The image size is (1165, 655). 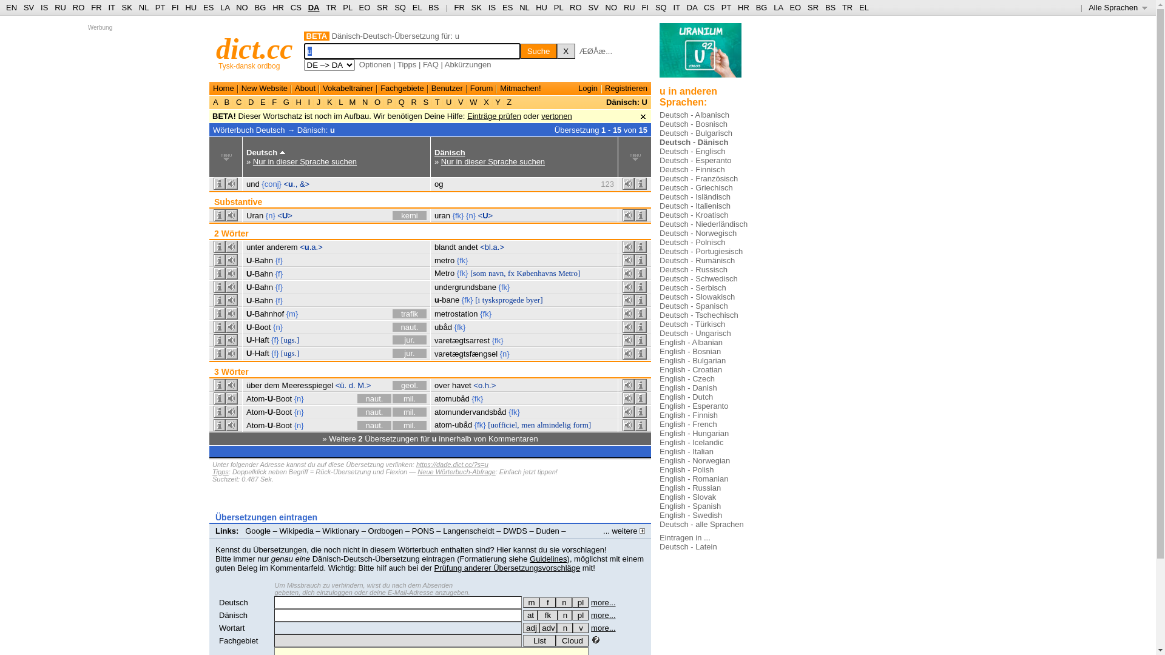 I want to click on 'HU', so click(x=541, y=7).